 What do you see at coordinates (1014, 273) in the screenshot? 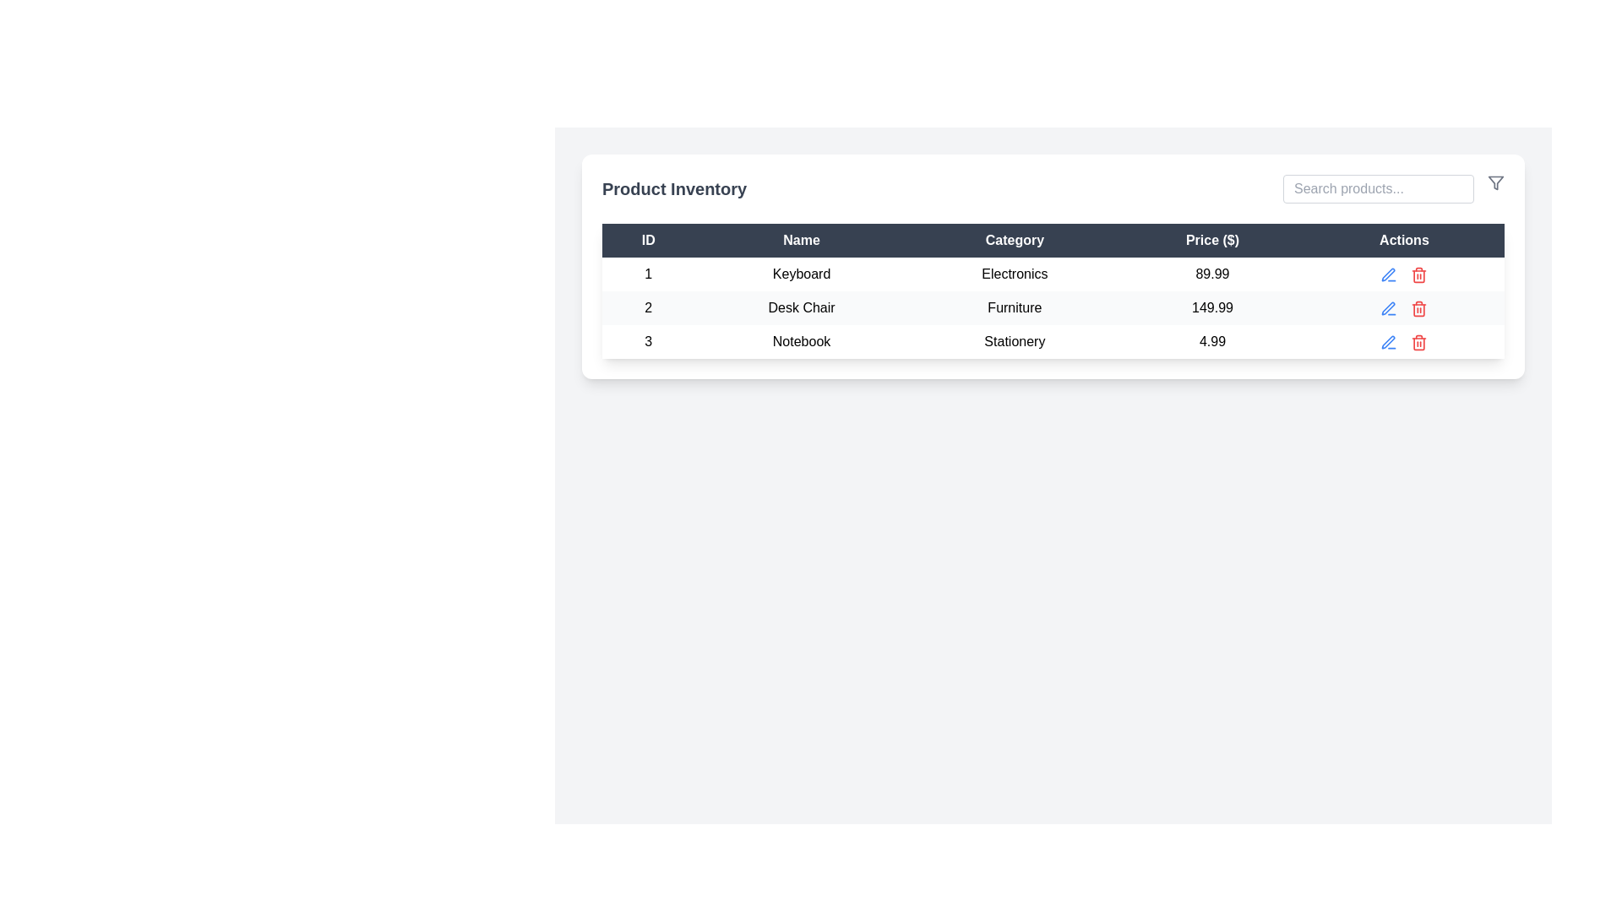
I see `the text label displaying 'Electronics' located in the 'Category' column of the first data row of the product inventory table` at bounding box center [1014, 273].